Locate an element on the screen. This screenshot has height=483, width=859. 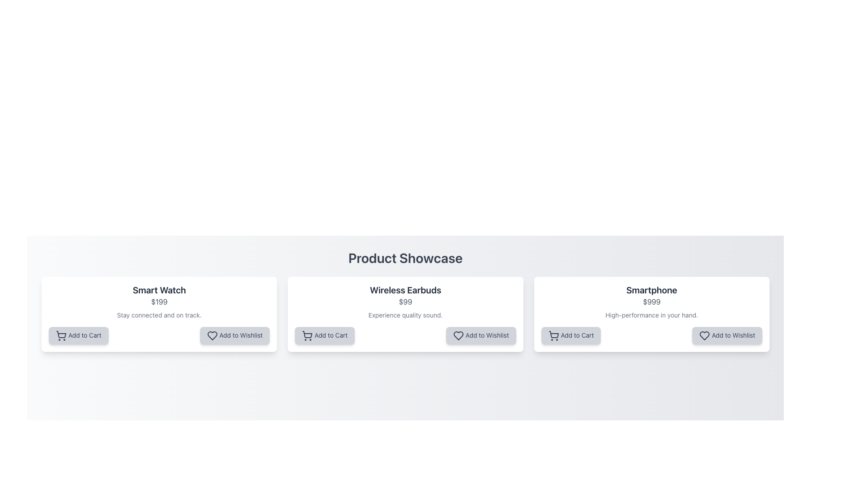
the 'Smart Watch' text label, which is styled with a large bold font and is centrally positioned at the top of its product card is located at coordinates (159, 290).